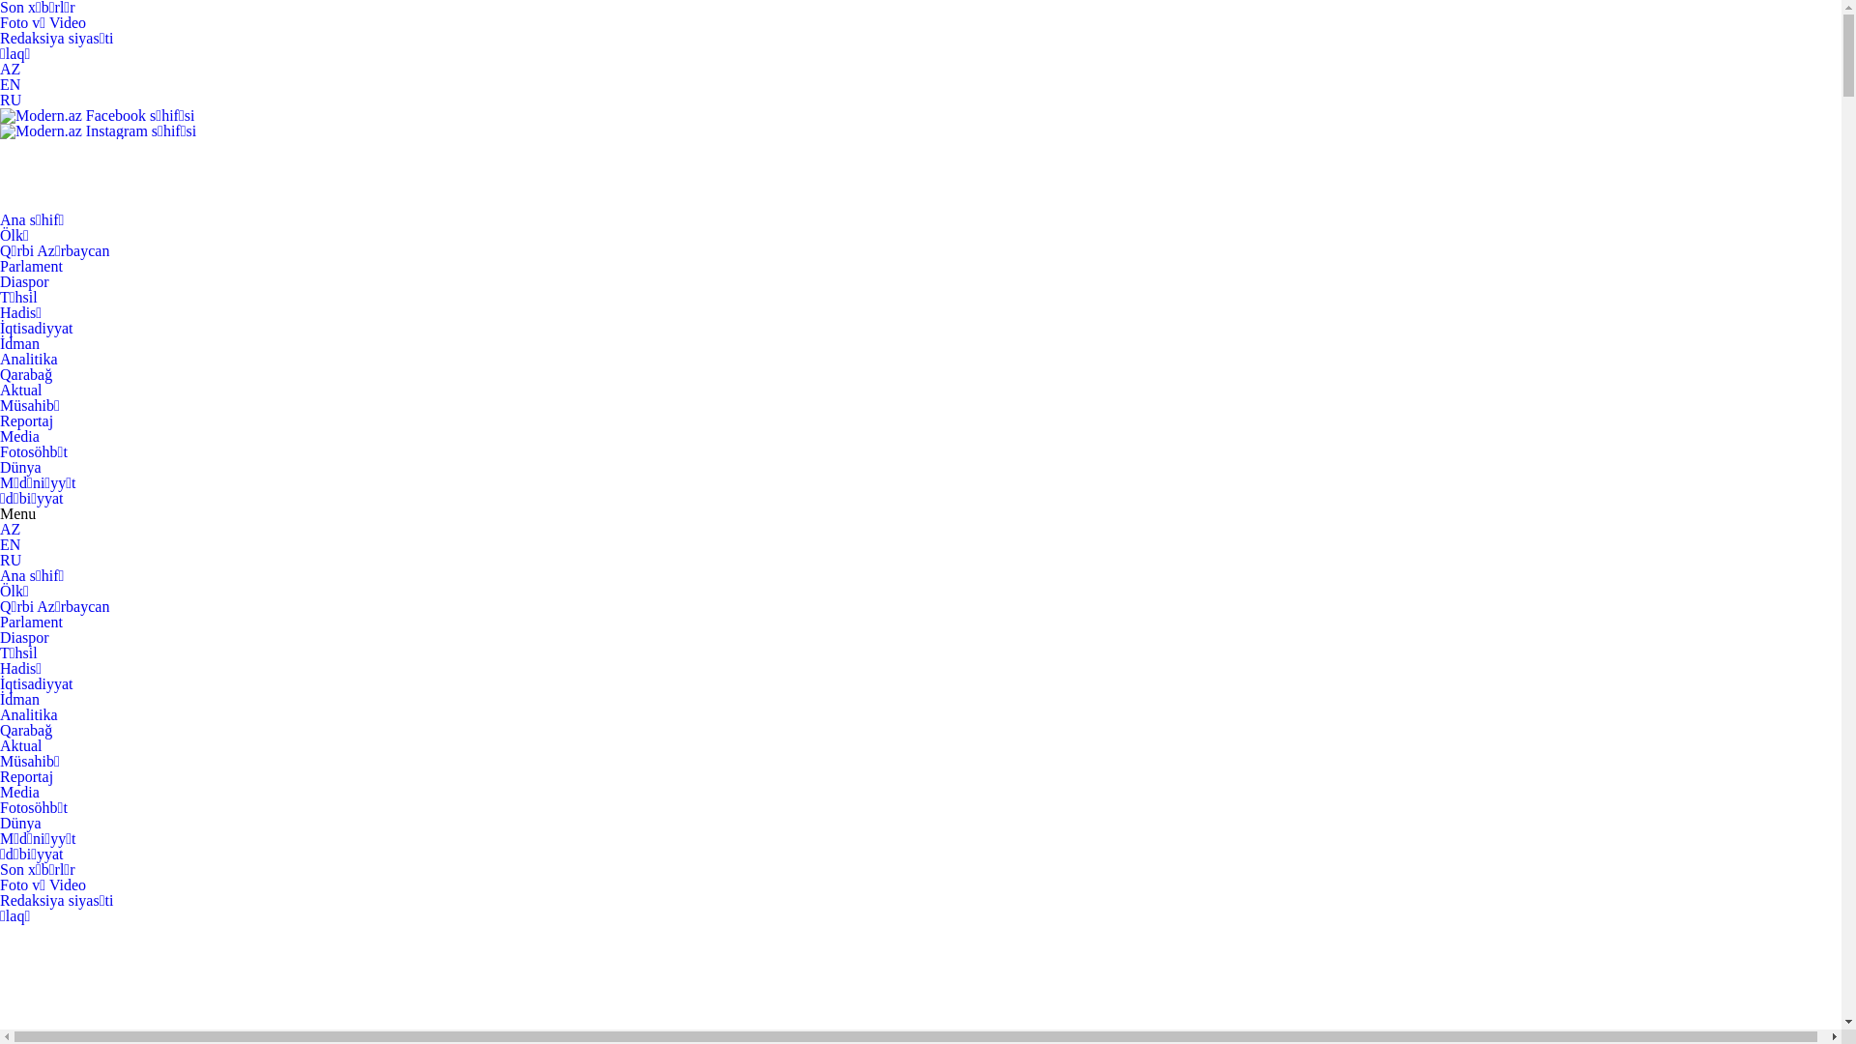 The image size is (1856, 1044). What do you see at coordinates (19, 792) in the screenshot?
I see `'Media'` at bounding box center [19, 792].